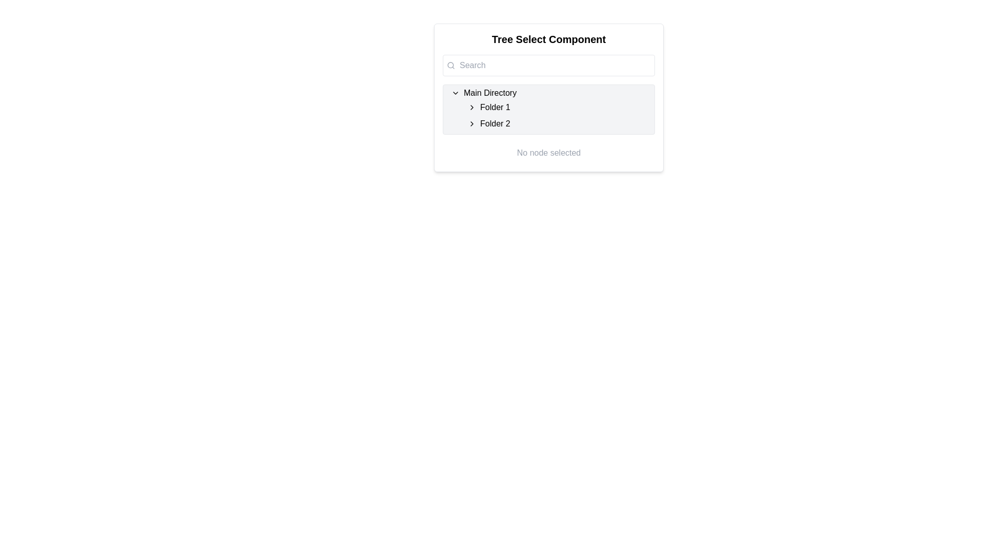  I want to click on the Text header element, which serves as the title for the component and is positioned at the top of a centered card layout, so click(548, 39).